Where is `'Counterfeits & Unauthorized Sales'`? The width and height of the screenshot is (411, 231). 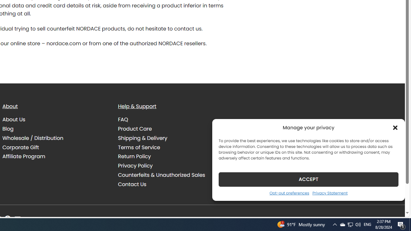 'Counterfeits & Unauthorized Sales' is located at coordinates (162, 175).